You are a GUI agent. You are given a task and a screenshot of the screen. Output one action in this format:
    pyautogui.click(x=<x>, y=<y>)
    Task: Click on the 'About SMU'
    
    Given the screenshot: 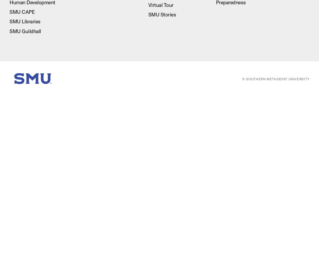 What is the action you would take?
    pyautogui.click(x=176, y=90)
    